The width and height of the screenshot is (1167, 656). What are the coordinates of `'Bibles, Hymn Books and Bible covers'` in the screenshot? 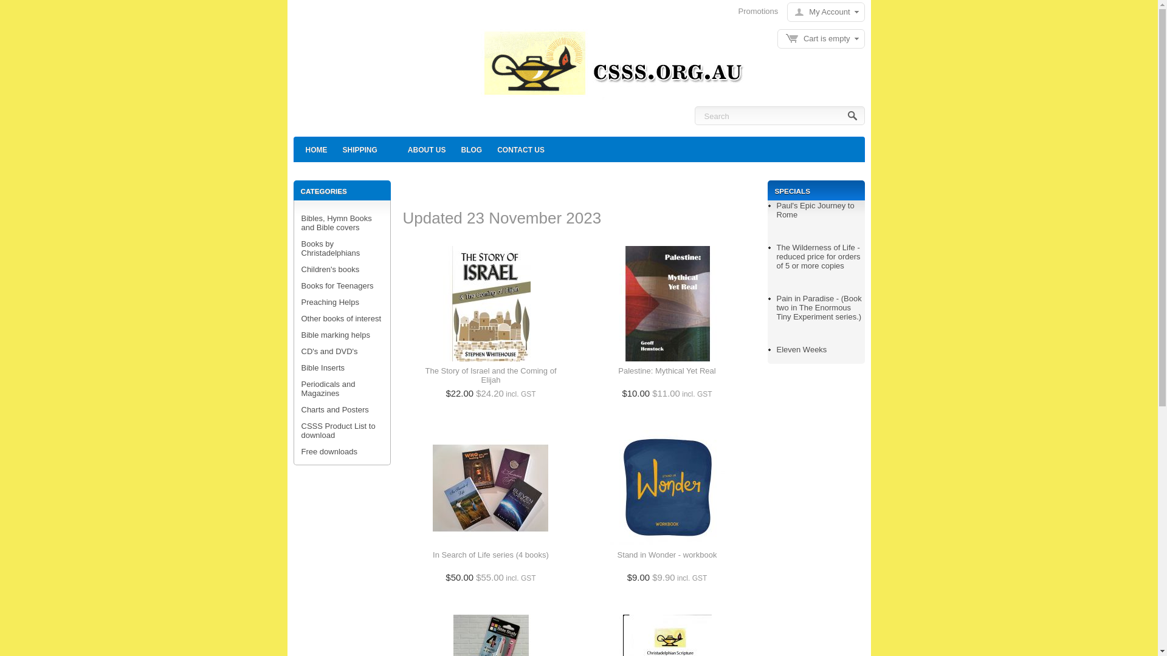 It's located at (336, 222).